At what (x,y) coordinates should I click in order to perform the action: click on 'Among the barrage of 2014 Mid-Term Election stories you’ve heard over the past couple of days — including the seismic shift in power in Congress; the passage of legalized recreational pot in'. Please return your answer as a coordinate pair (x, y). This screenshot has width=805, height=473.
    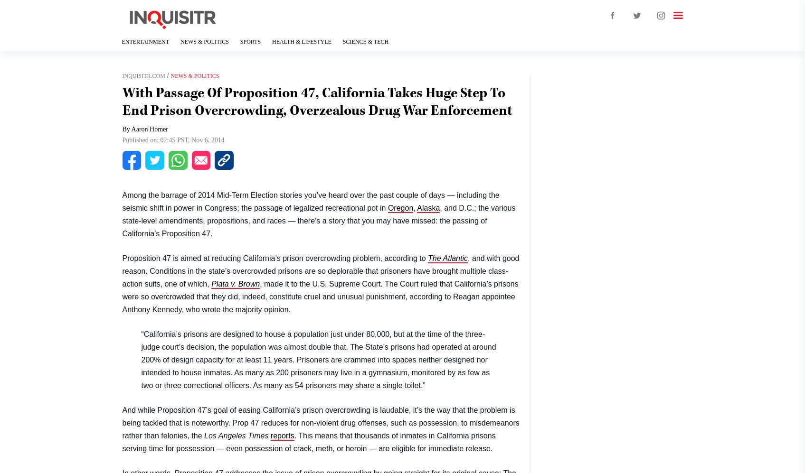
    Looking at the image, I should click on (121, 201).